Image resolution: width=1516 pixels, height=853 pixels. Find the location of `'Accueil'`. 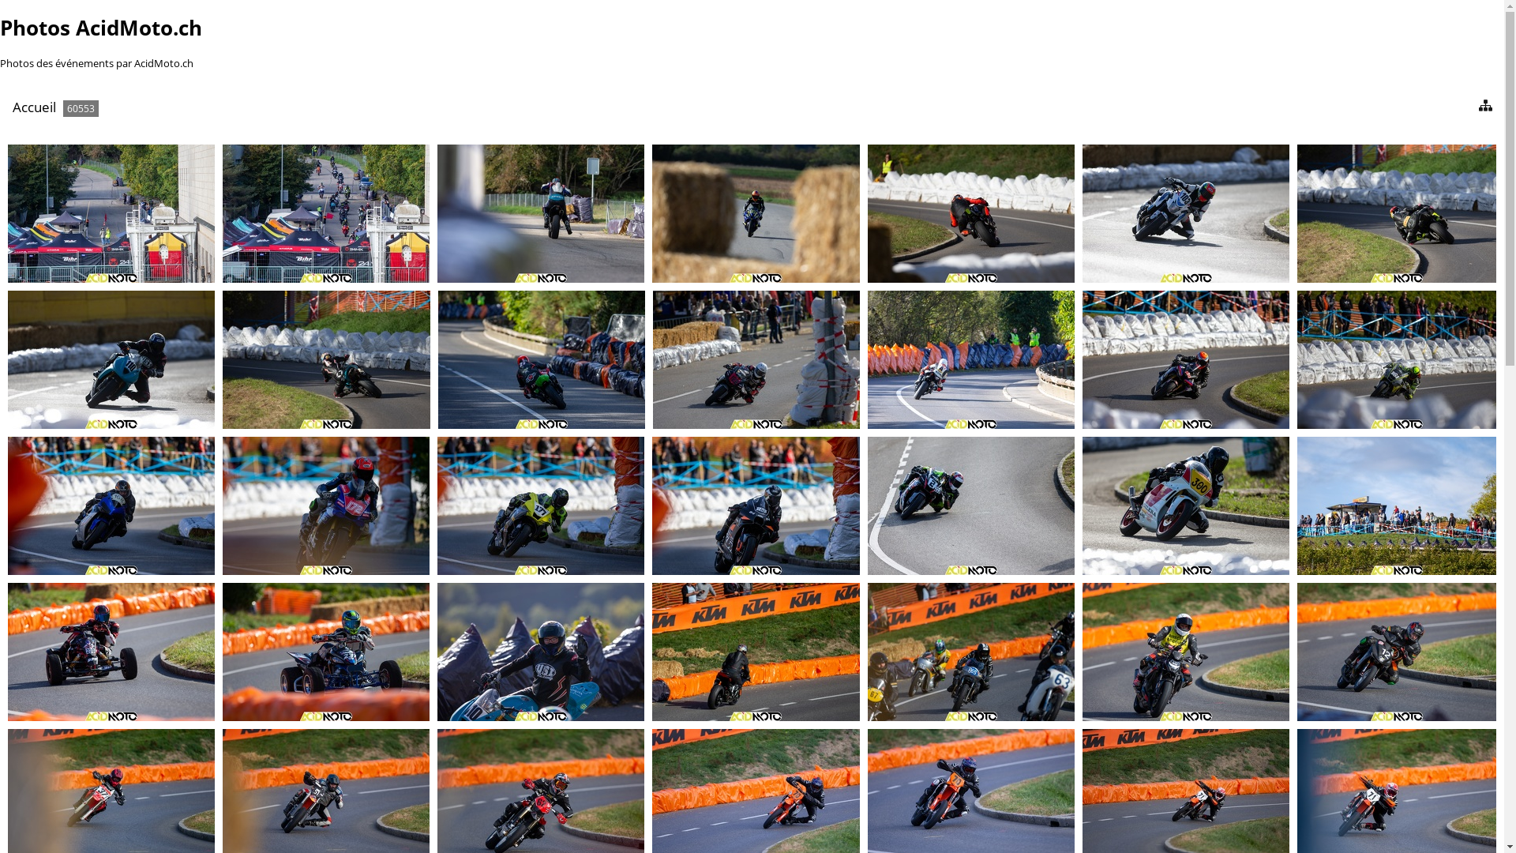

'Accueil' is located at coordinates (34, 107).